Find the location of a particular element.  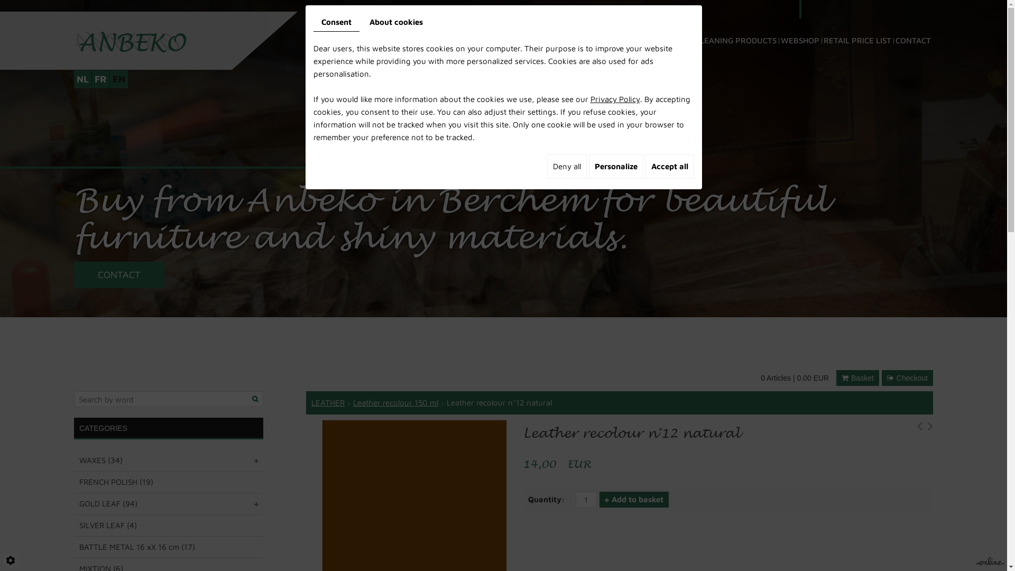

'LEATHER' is located at coordinates (327, 402).